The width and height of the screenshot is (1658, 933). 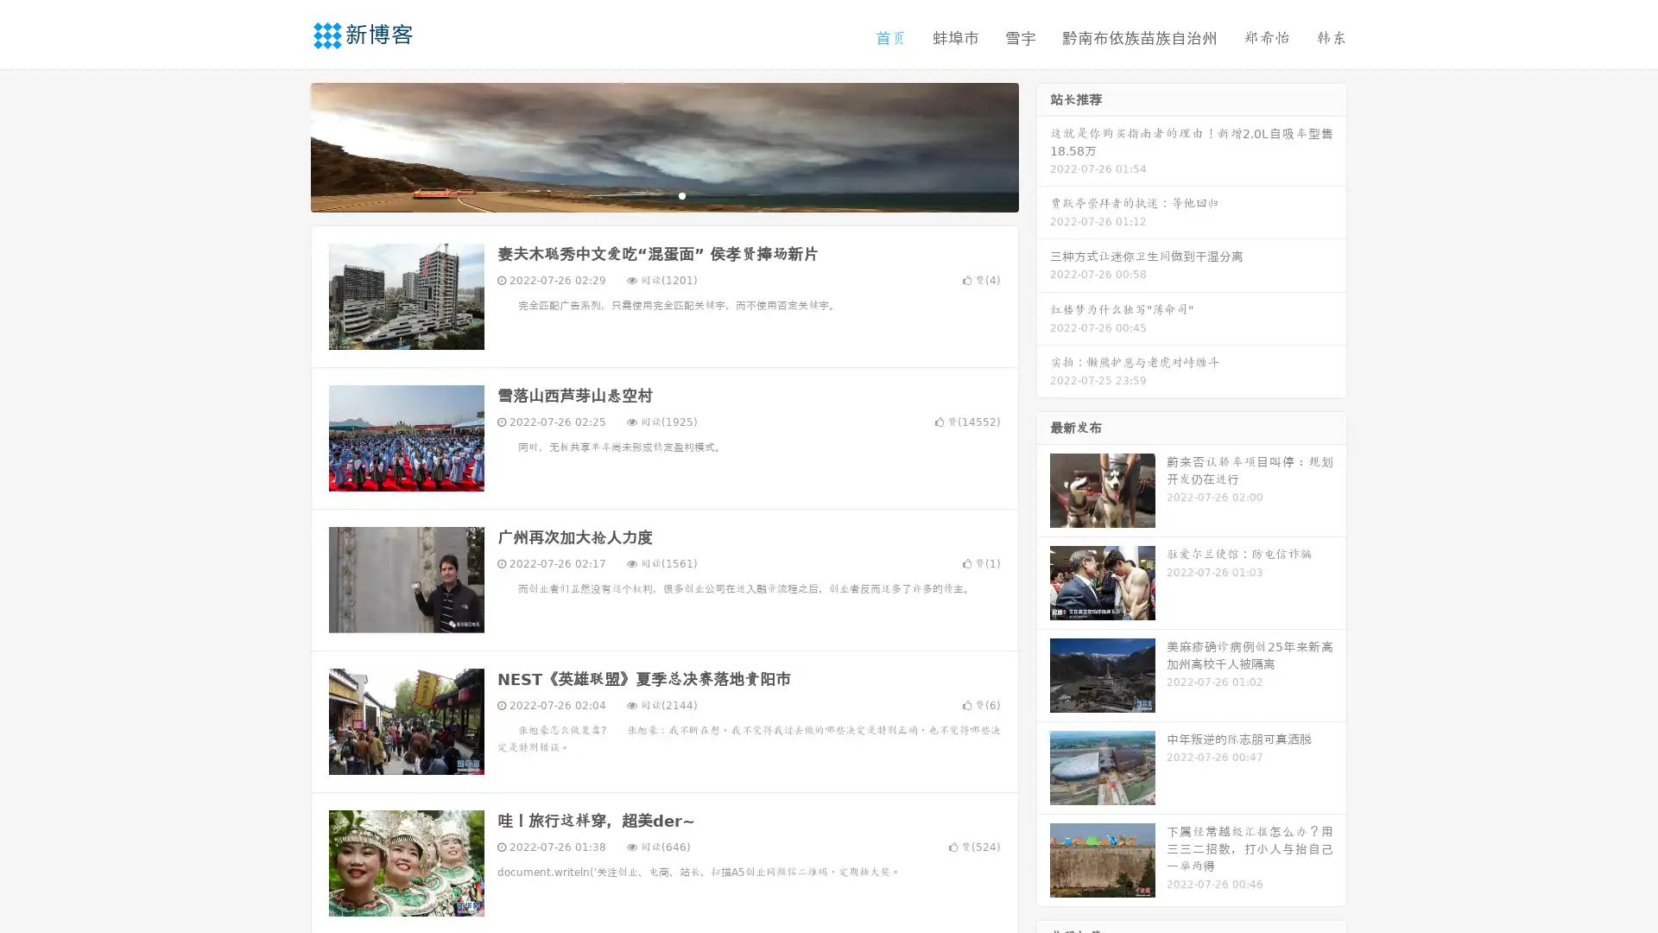 What do you see at coordinates (646, 194) in the screenshot?
I see `Go to slide 1` at bounding box center [646, 194].